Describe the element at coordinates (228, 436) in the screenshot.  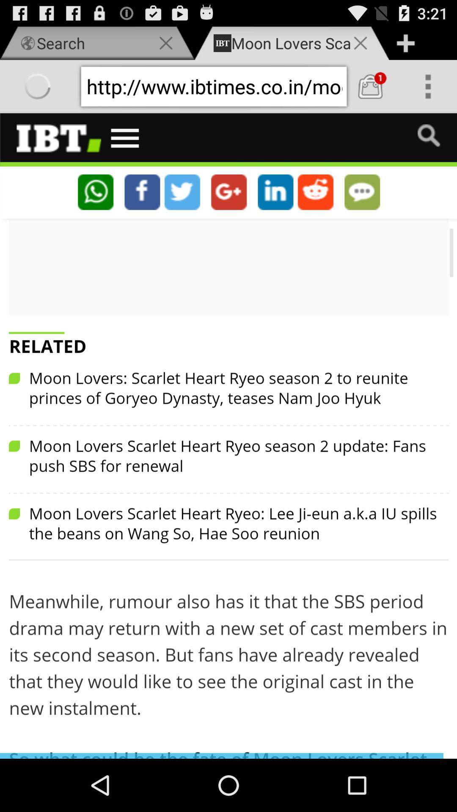
I see `main window` at that location.